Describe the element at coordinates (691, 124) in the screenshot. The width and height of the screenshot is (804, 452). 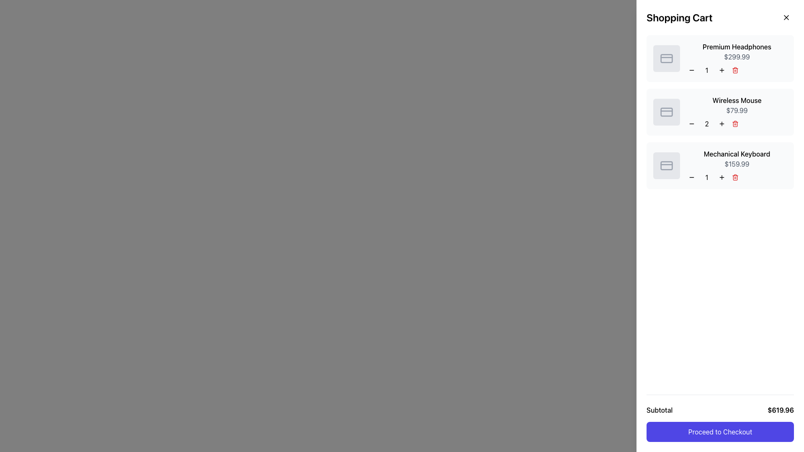
I see `the circular button with a minus symbol located to the left of the number '2' for the item 'Wireless Mouse'` at that location.